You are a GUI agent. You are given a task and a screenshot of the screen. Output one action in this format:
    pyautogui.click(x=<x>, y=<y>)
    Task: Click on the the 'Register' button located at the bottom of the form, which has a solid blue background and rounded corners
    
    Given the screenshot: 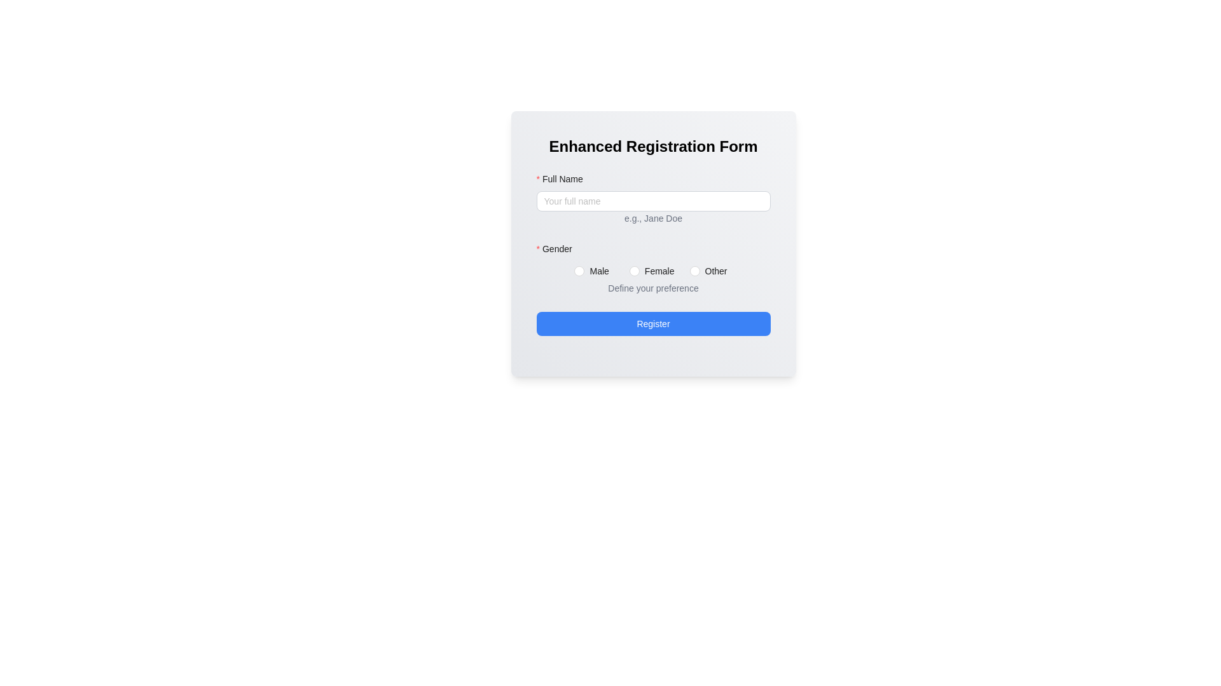 What is the action you would take?
    pyautogui.click(x=653, y=323)
    